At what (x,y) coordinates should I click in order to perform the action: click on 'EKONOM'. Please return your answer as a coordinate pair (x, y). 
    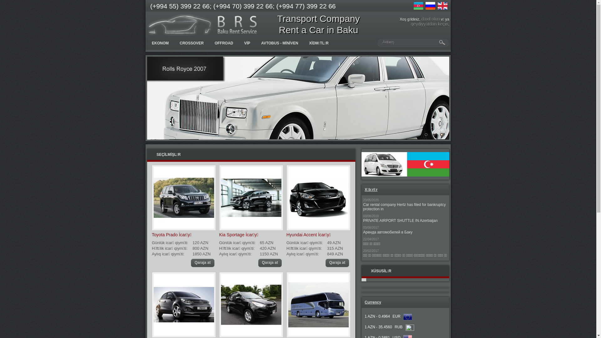
    Looking at the image, I should click on (160, 43).